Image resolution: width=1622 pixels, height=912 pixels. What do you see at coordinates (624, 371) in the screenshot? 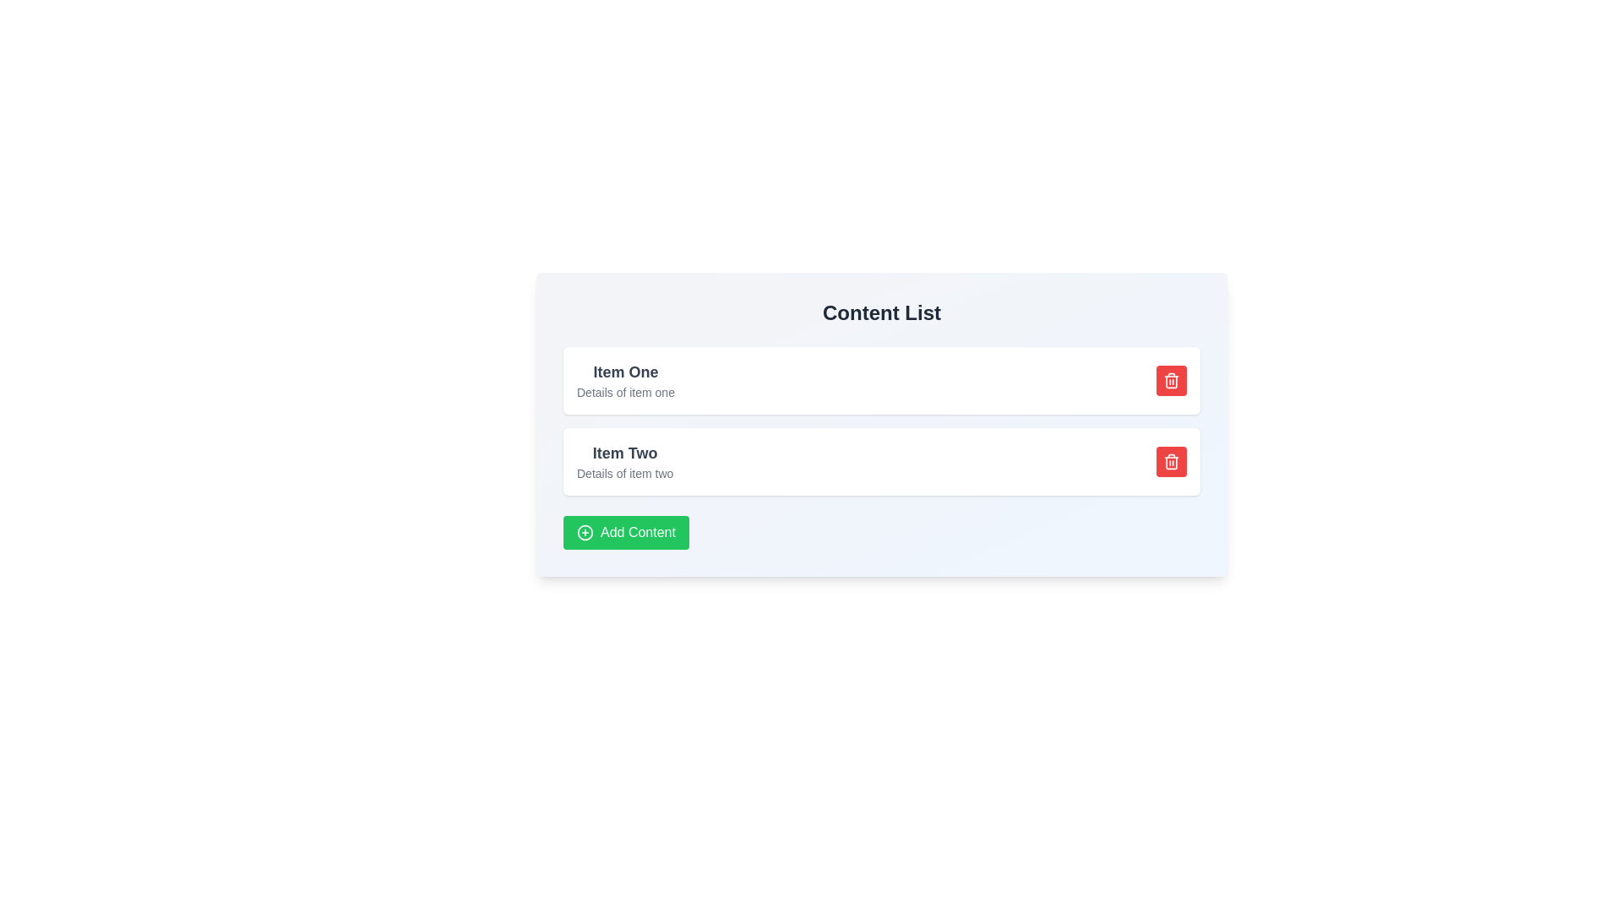
I see `the 'Item One' text label, which is styled in bold and larger size, located at the top of a rectangular card in a vertical list layout` at bounding box center [624, 371].